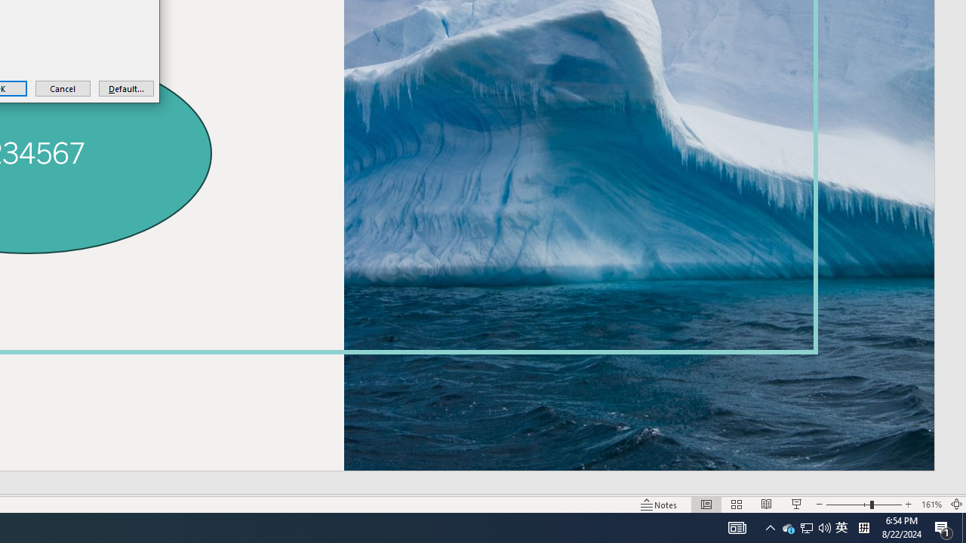 Image resolution: width=966 pixels, height=543 pixels. I want to click on 'Default...', so click(126, 88).